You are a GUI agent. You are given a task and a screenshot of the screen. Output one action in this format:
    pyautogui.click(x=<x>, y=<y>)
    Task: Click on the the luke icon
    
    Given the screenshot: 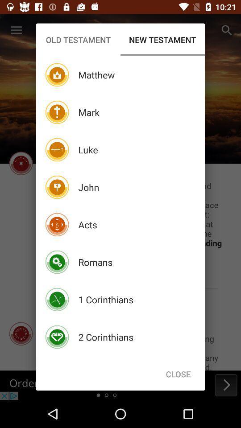 What is the action you would take?
    pyautogui.click(x=88, y=150)
    